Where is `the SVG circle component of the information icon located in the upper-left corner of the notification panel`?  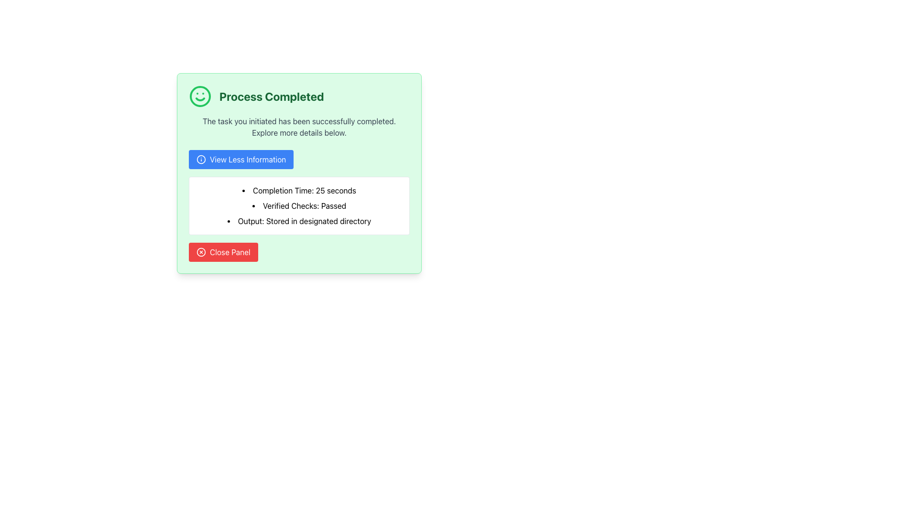 the SVG circle component of the information icon located in the upper-left corner of the notification panel is located at coordinates (201, 159).